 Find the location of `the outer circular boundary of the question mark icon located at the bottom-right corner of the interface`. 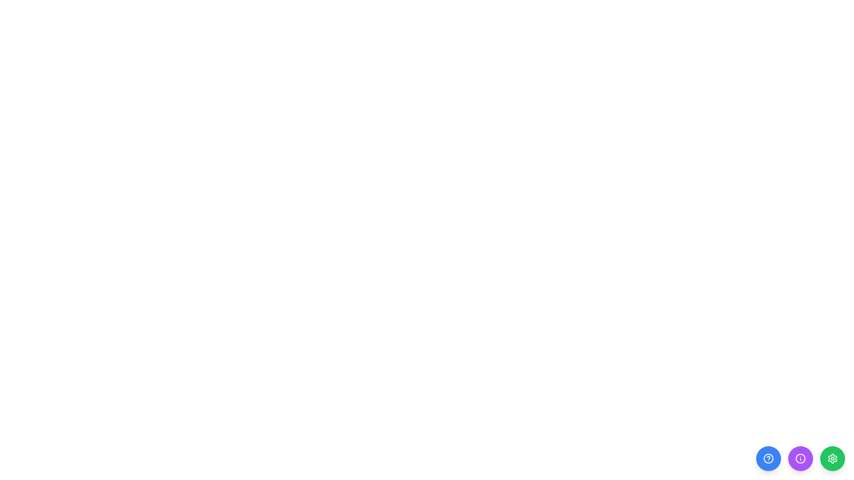

the outer circular boundary of the question mark icon located at the bottom-right corner of the interface is located at coordinates (768, 459).